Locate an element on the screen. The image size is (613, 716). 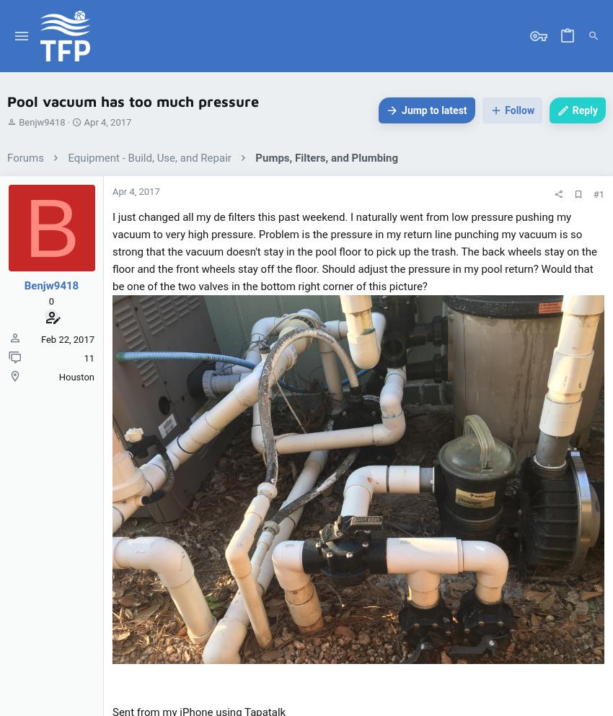
'I just changed all my de filters this past weekend. I naturally went from low pressure pushing my vacuum to very high pressure. Problem is the pressure in my return line punching my vacuum is so strong that the vacuum doesn't stay in the pool floor to pick up the trash. The back wheels stay on the floor and the front wheels stay off the floor. Should adjust the pressure in my pool return?  Would that be one of the two valves in the bottom right corner of this picture?' is located at coordinates (354, 250).